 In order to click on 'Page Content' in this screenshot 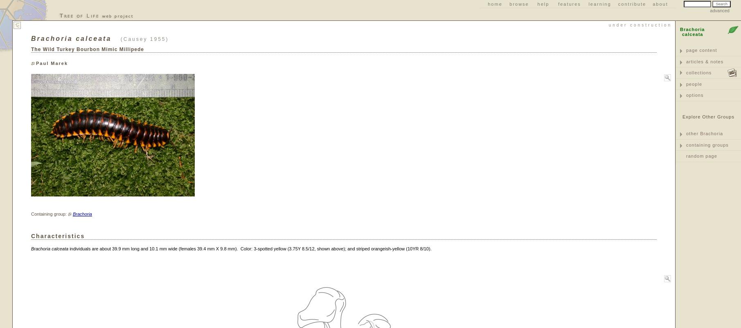, I will do `click(701, 50)`.